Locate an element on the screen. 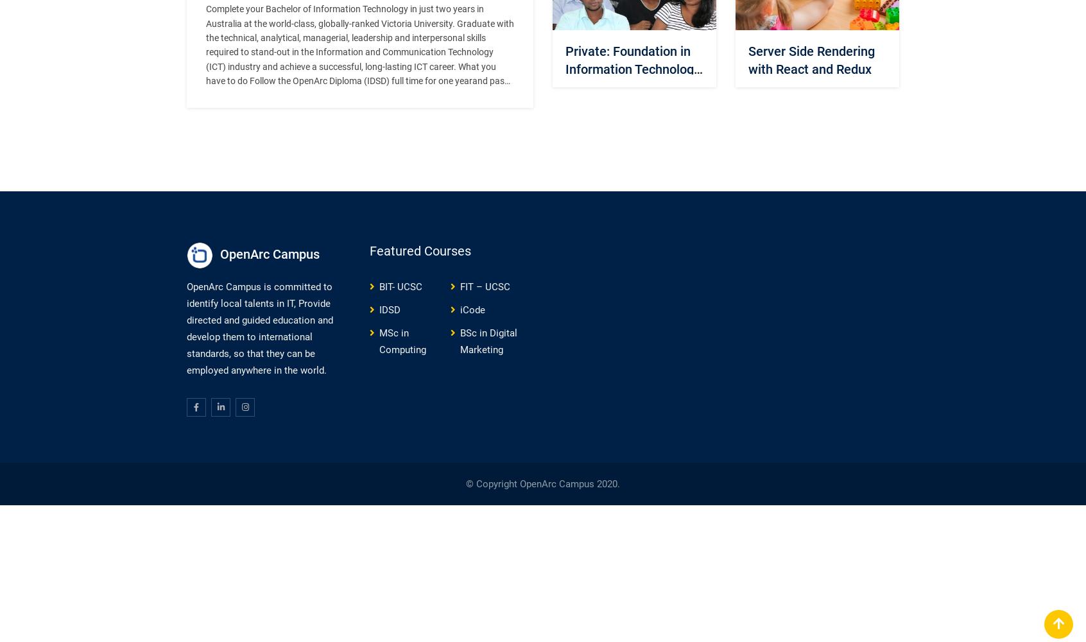 This screenshot has height=642, width=1086. 'FIT – UCSC' is located at coordinates (484, 286).